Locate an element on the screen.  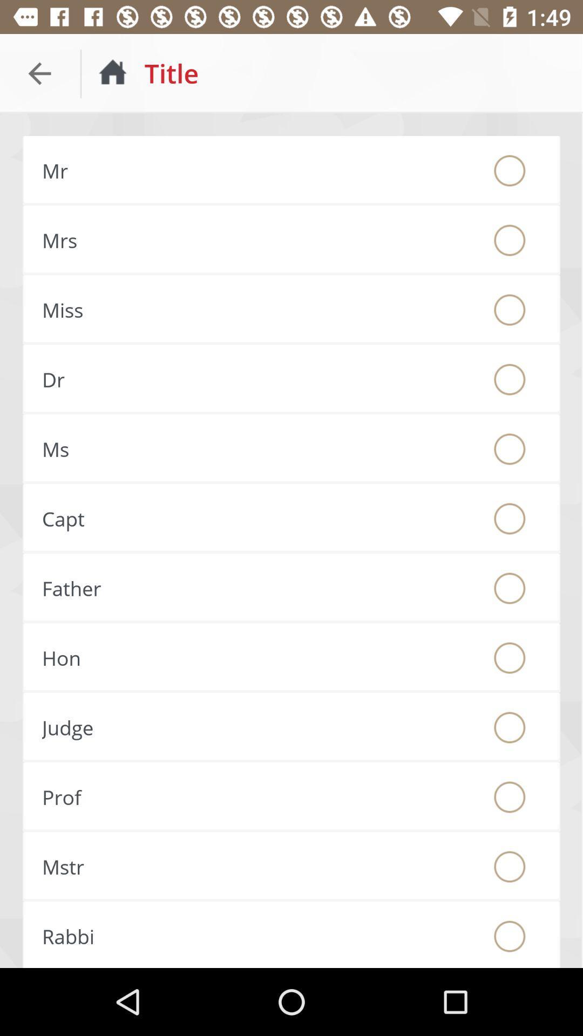
choose title rabbi is located at coordinates (510, 936).